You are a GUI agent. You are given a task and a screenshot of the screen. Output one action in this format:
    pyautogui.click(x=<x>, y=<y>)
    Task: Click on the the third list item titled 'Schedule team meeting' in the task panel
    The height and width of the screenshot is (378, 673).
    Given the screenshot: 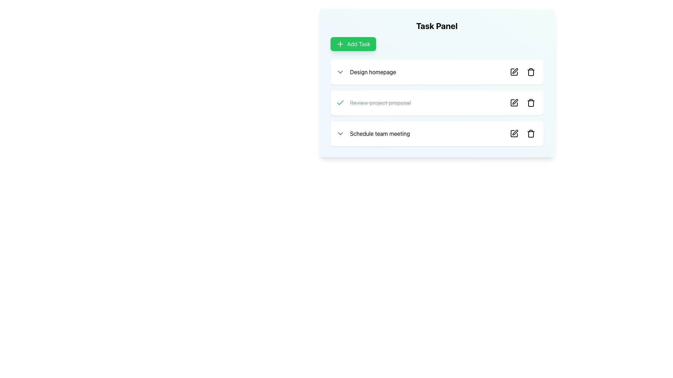 What is the action you would take?
    pyautogui.click(x=373, y=133)
    